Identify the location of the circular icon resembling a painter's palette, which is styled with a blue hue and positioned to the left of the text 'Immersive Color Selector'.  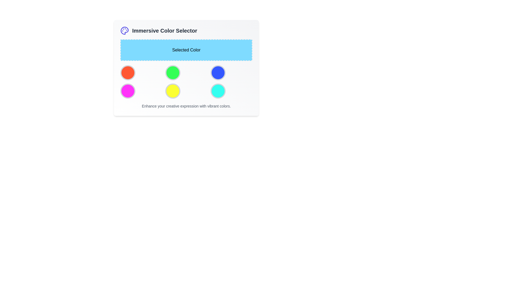
(124, 31).